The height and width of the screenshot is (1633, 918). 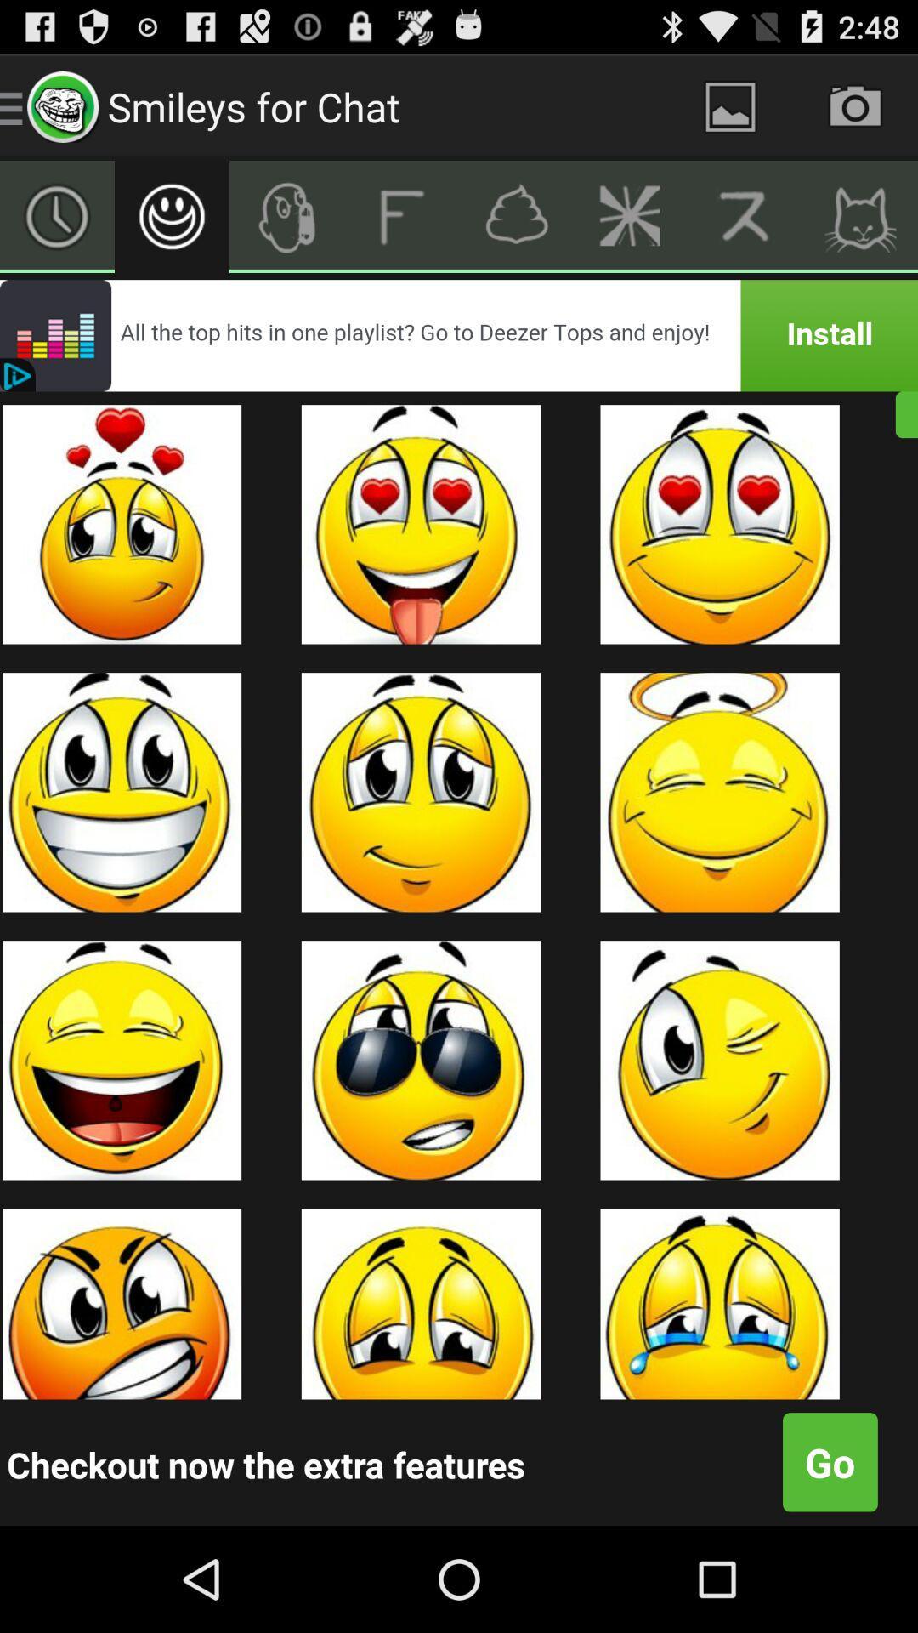 What do you see at coordinates (172, 215) in the screenshot?
I see `smile emoji` at bounding box center [172, 215].